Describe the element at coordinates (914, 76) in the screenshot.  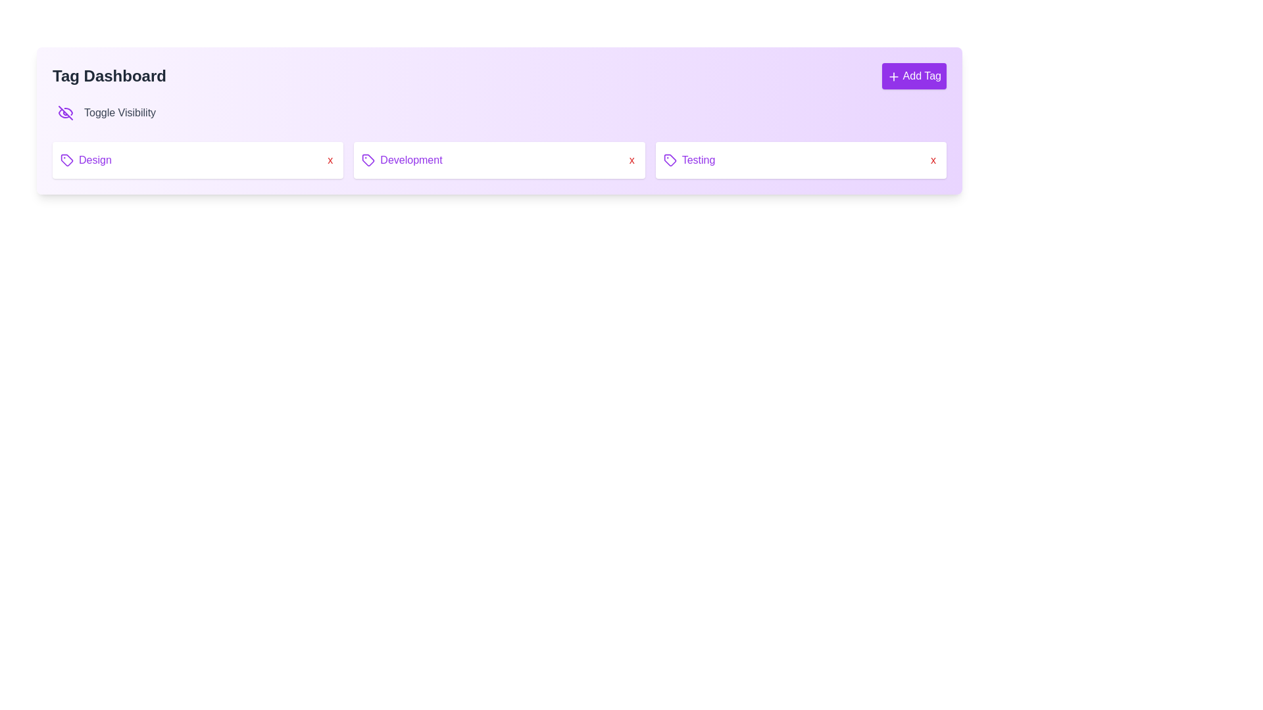
I see `the 'Add Tag' button located in the top-right corner next to the 'Tag Dashboard' heading` at that location.